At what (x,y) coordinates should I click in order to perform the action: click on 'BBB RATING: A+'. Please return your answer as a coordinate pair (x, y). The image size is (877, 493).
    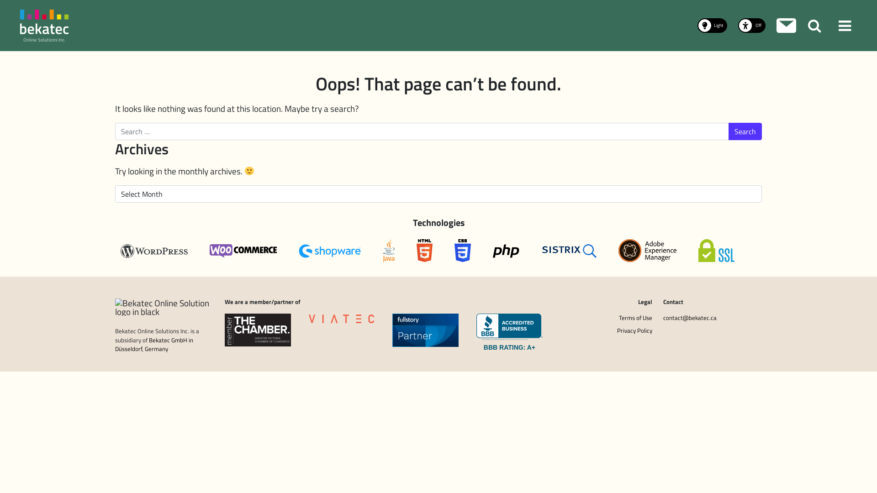
    Looking at the image, I should click on (509, 346).